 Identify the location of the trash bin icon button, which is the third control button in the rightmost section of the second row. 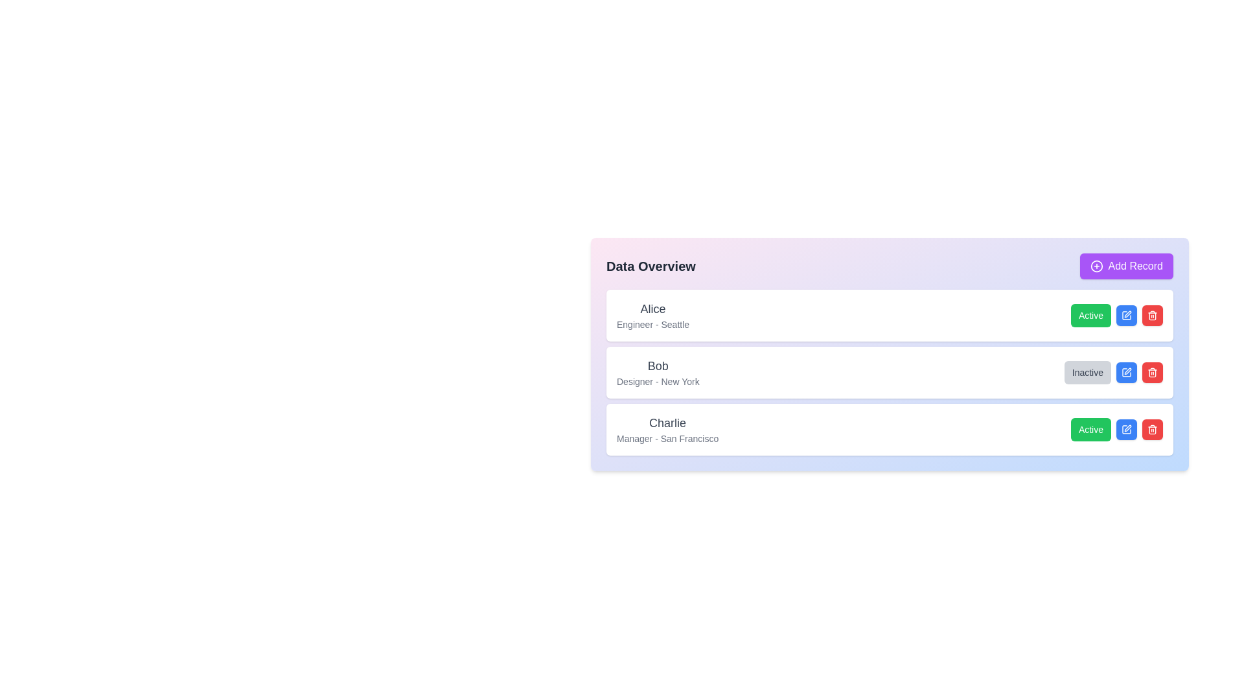
(1153, 315).